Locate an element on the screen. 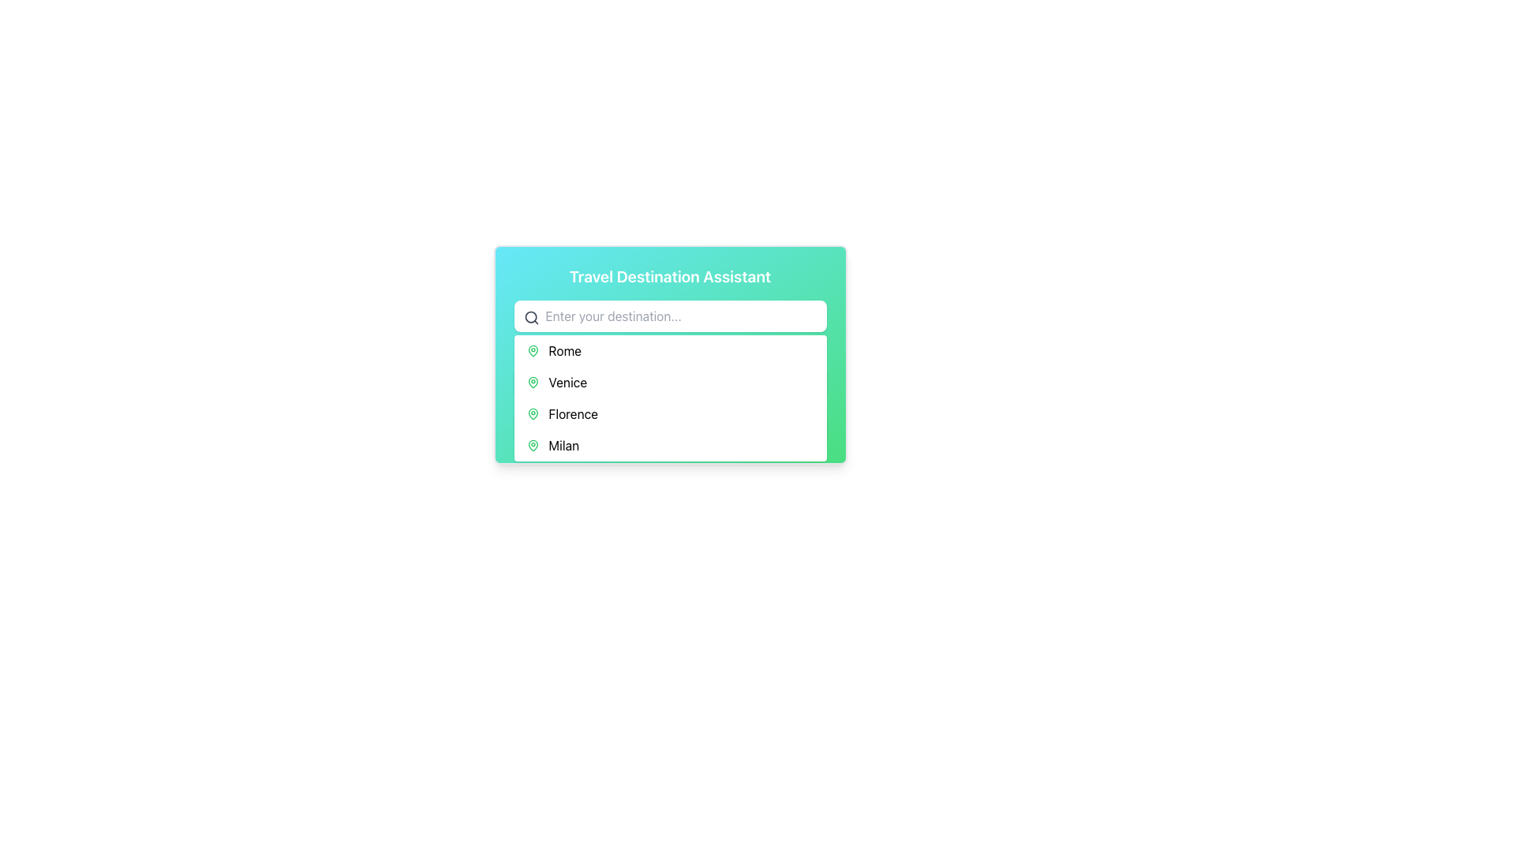  the second item in the list of destinations labeled 'Venice' is located at coordinates (670, 383).